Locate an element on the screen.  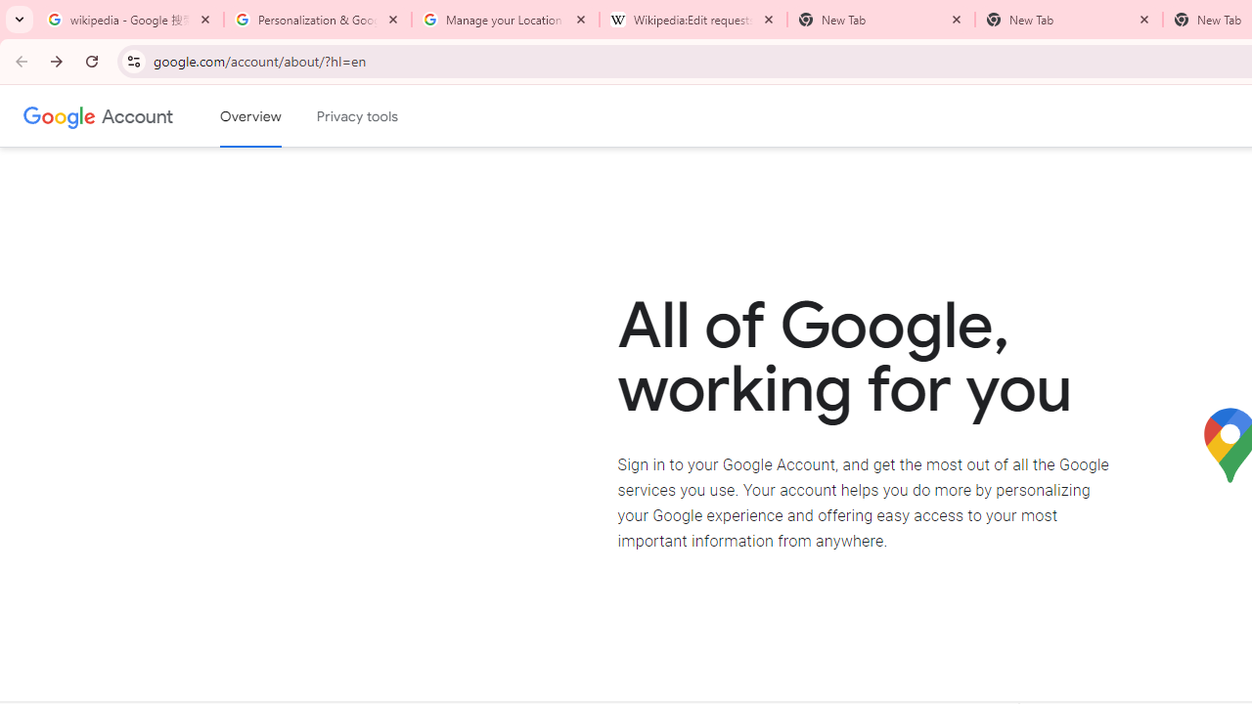
'Google Account overview' is located at coordinates (249, 116).